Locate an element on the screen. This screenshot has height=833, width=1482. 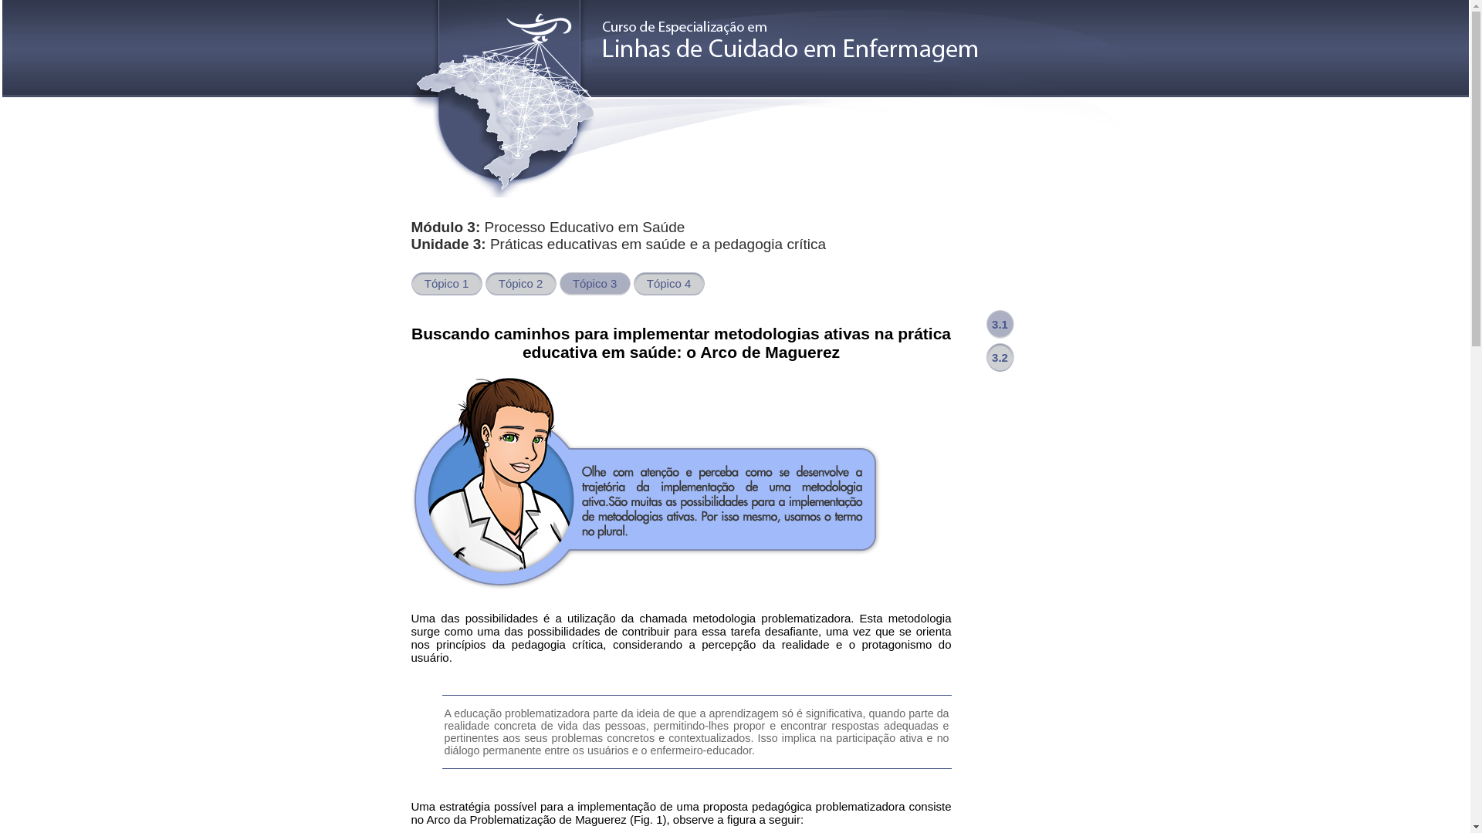
'3.2' is located at coordinates (985, 357).